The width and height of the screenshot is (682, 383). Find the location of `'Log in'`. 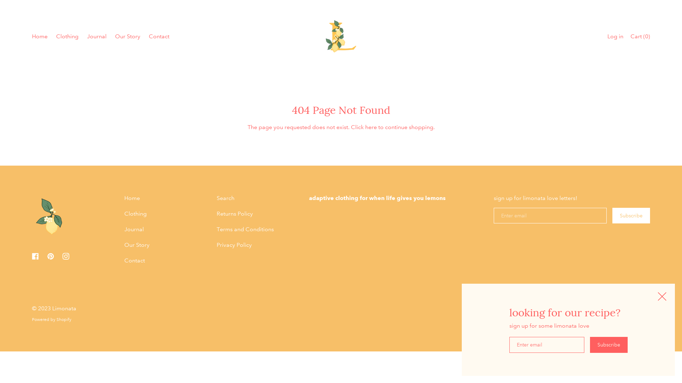

'Log in' is located at coordinates (615, 37).